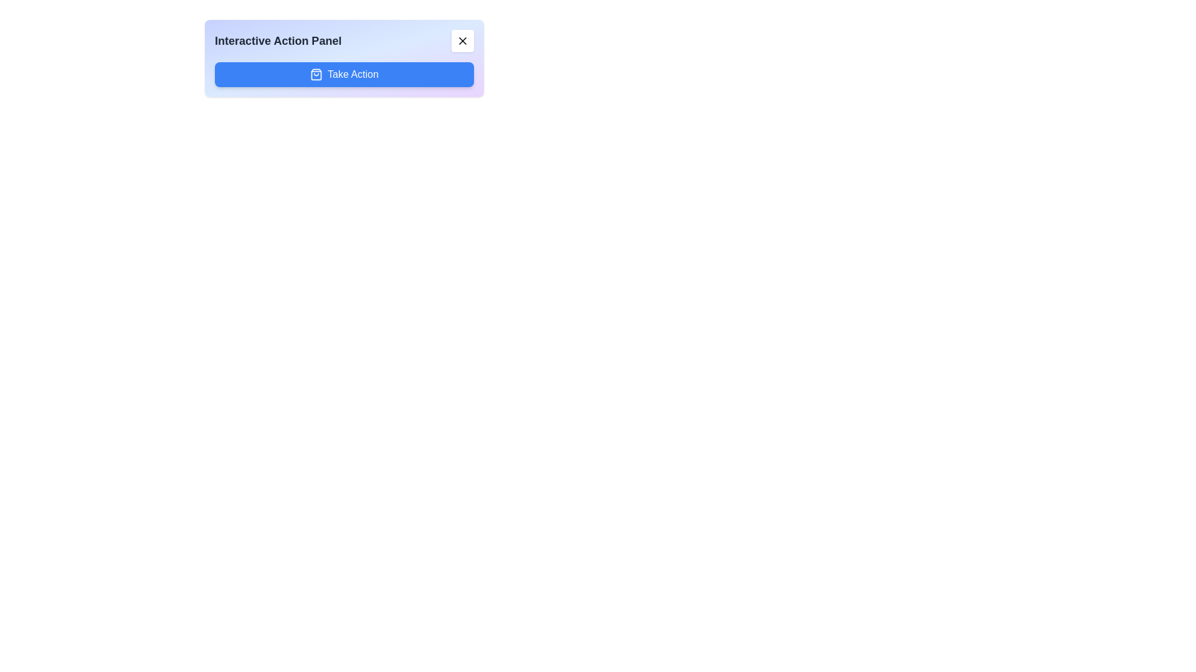 The height and width of the screenshot is (672, 1196). Describe the element at coordinates (344, 74) in the screenshot. I see `the 'Take Action' button located in the 'Interactive Action Panel'` at that location.